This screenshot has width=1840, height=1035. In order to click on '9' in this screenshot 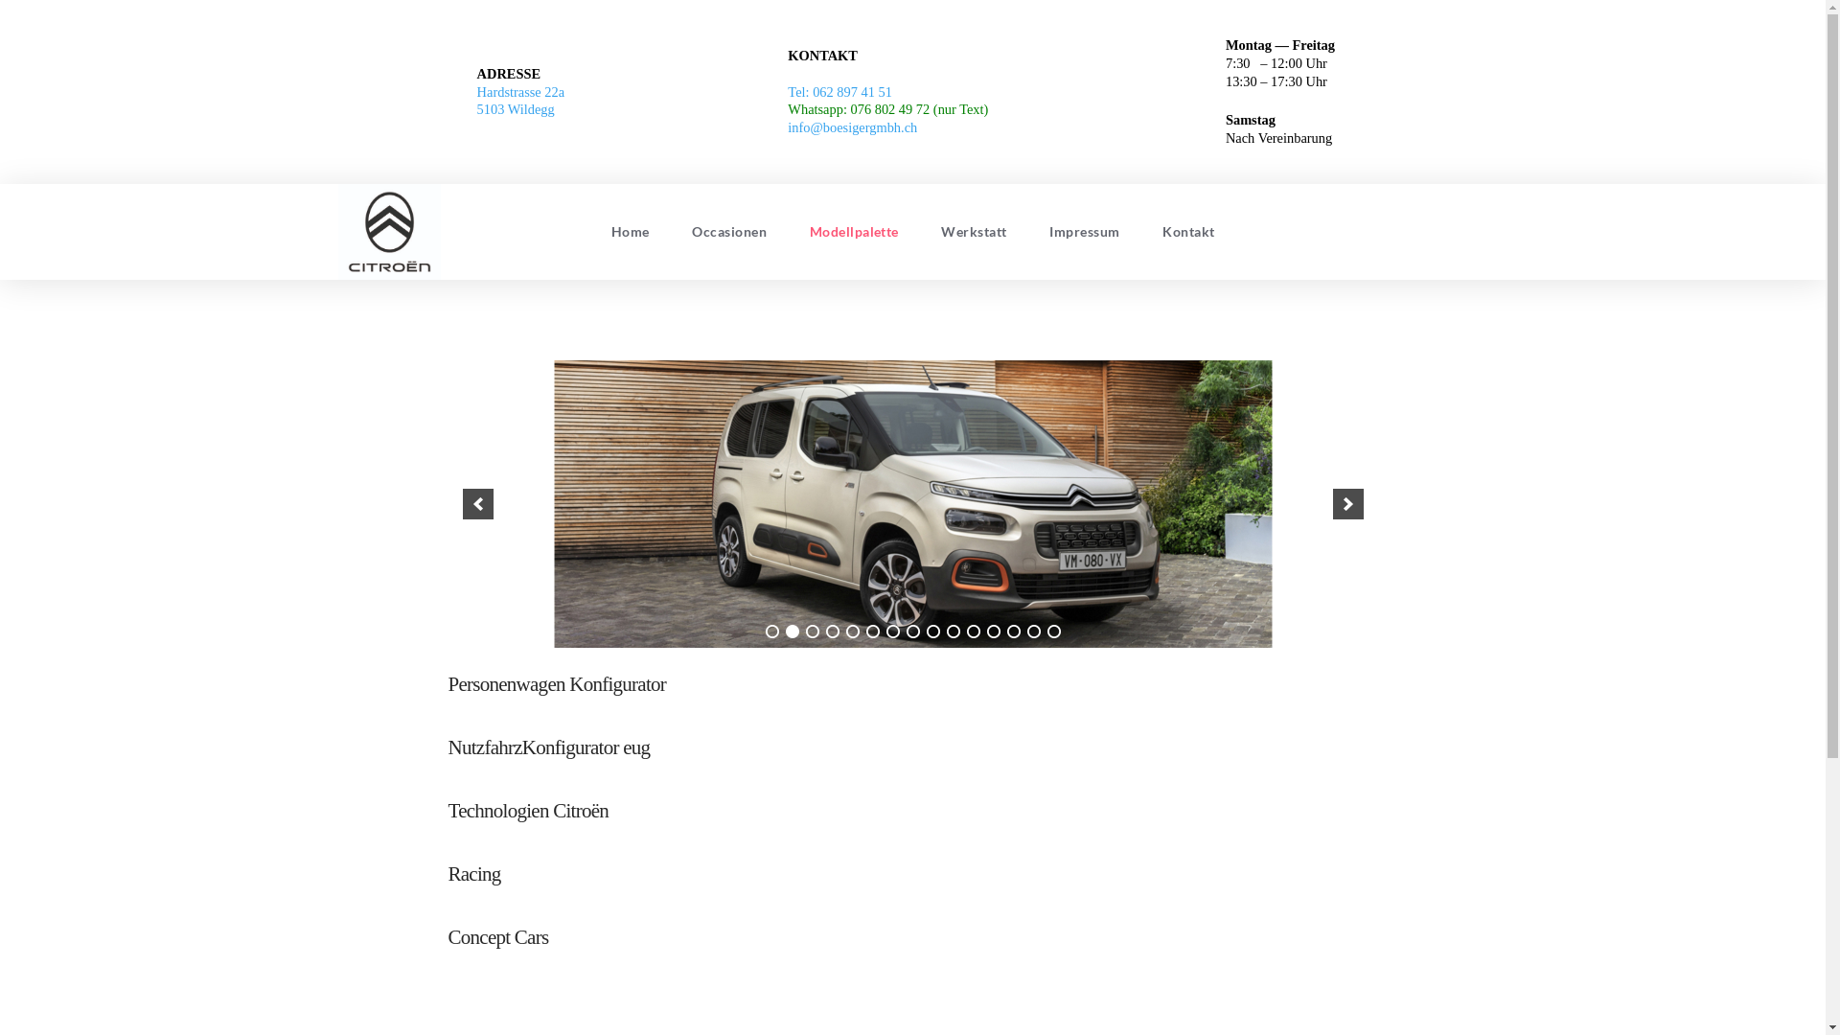, I will do `click(932, 632)`.